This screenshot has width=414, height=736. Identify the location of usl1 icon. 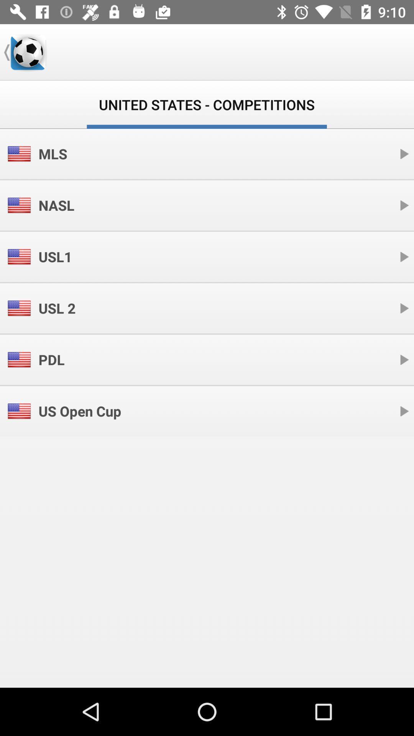
(55, 257).